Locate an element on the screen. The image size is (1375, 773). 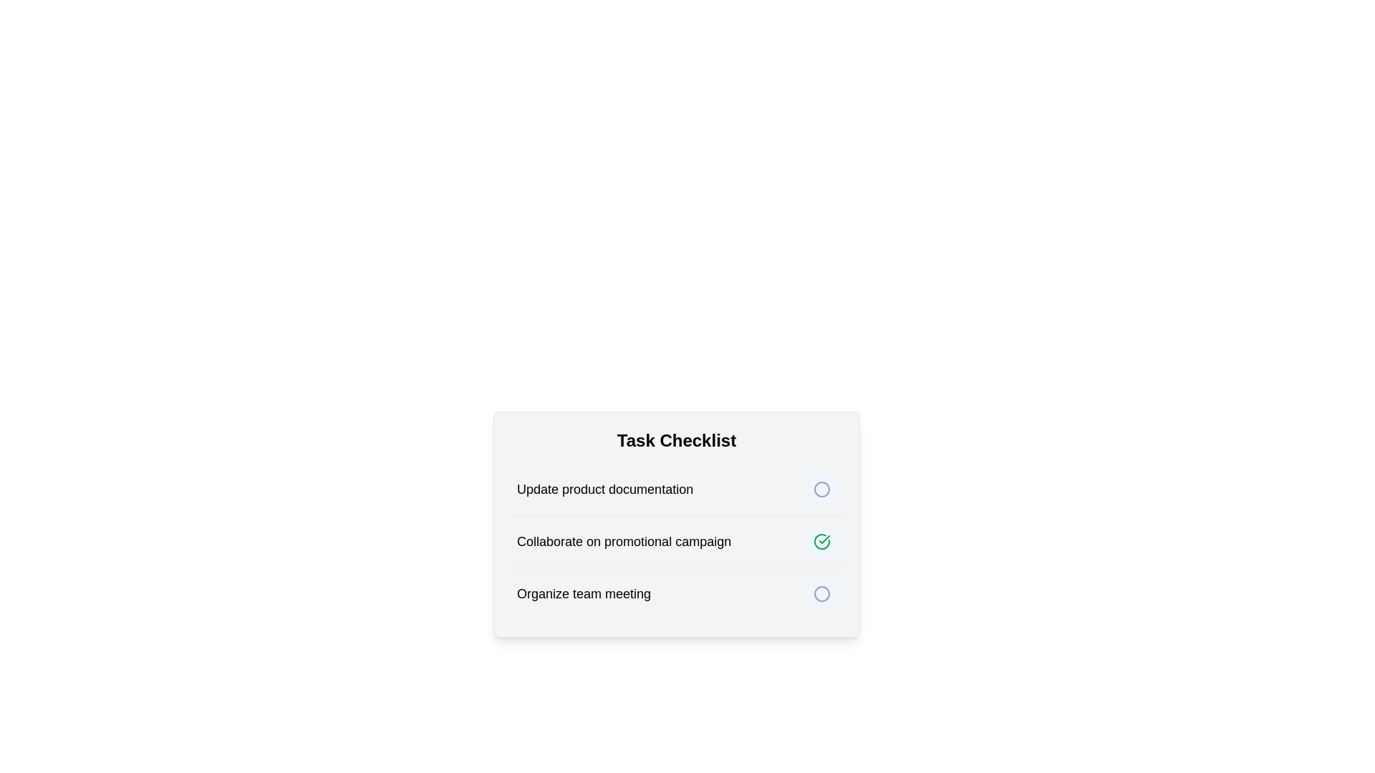
the completion icon located on the right of the second task row in the checklist interface is located at coordinates (821, 541).